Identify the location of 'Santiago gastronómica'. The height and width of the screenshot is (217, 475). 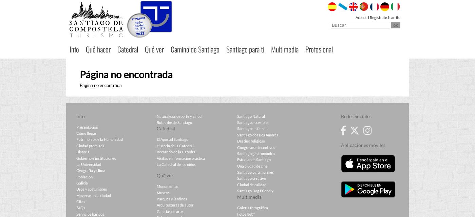
(256, 153).